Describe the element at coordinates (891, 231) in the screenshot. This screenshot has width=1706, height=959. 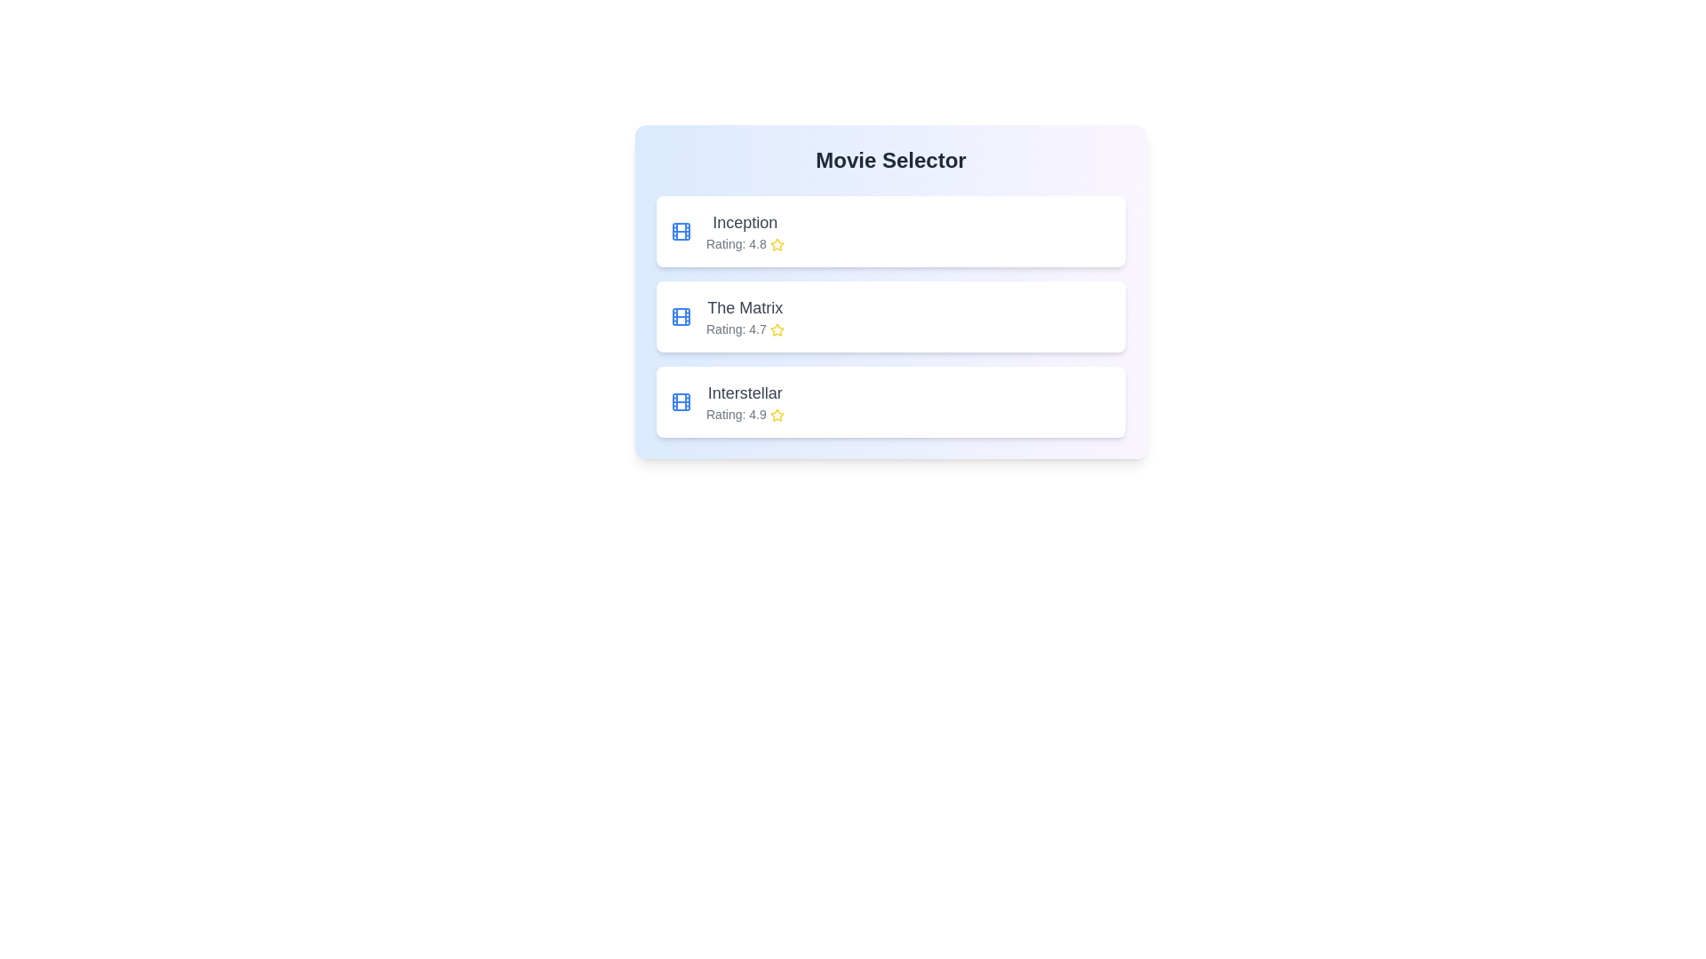
I see `the movie item corresponding to Inception` at that location.